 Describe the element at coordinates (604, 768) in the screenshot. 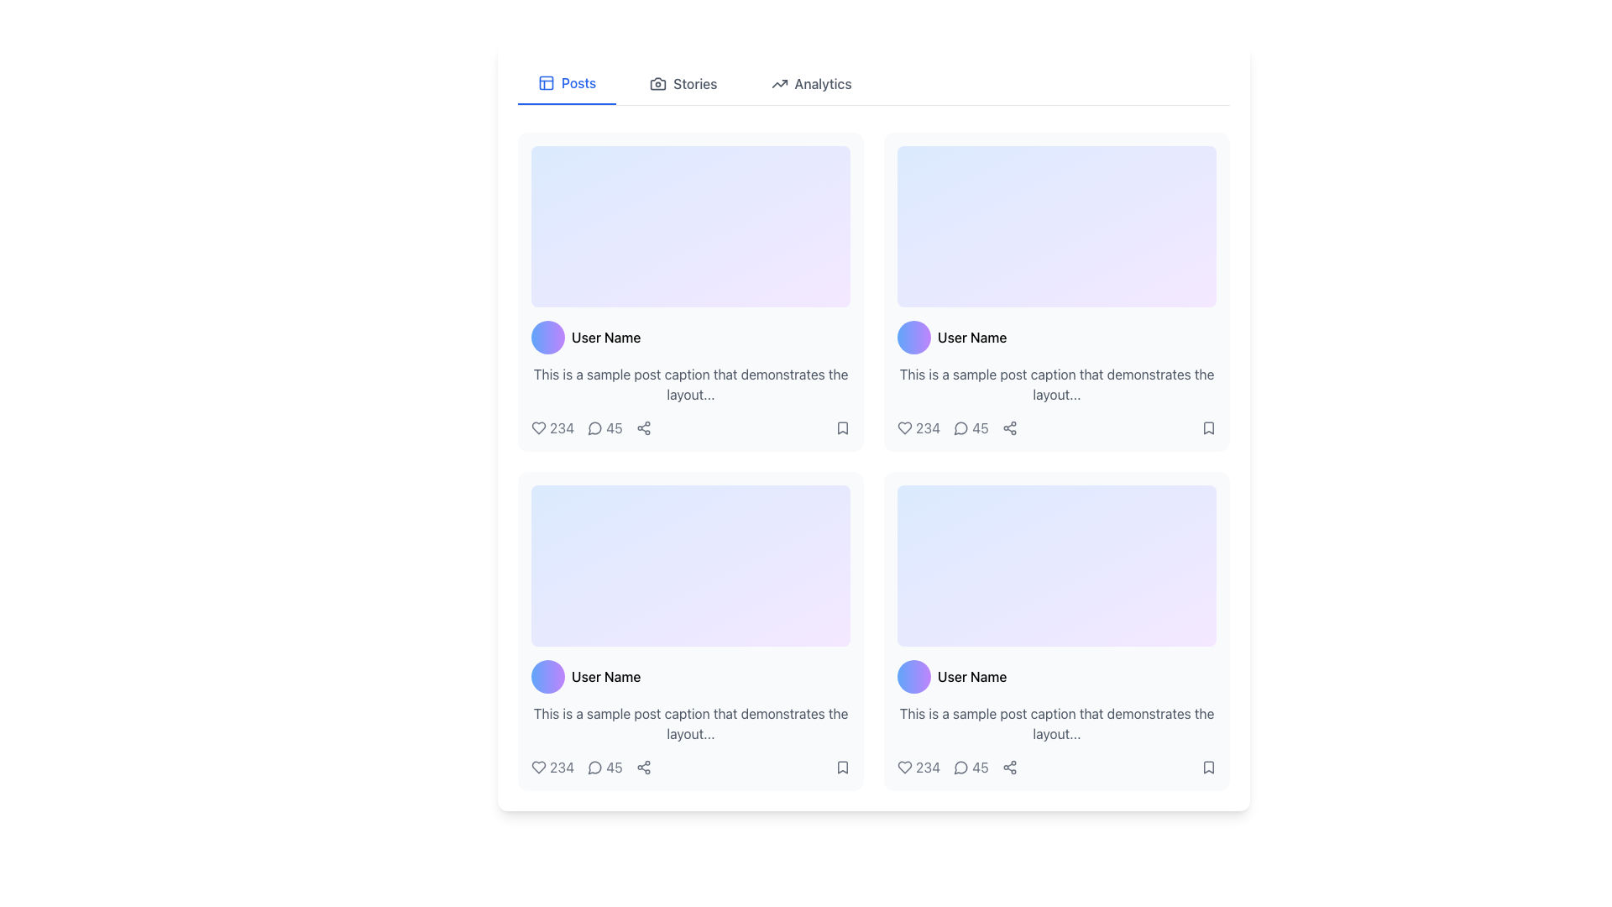

I see `the comment indicator button, which features a speech bubble icon and a comment count, located to the right of the like icon and left of the share icon in the bottom section of the post card` at that location.